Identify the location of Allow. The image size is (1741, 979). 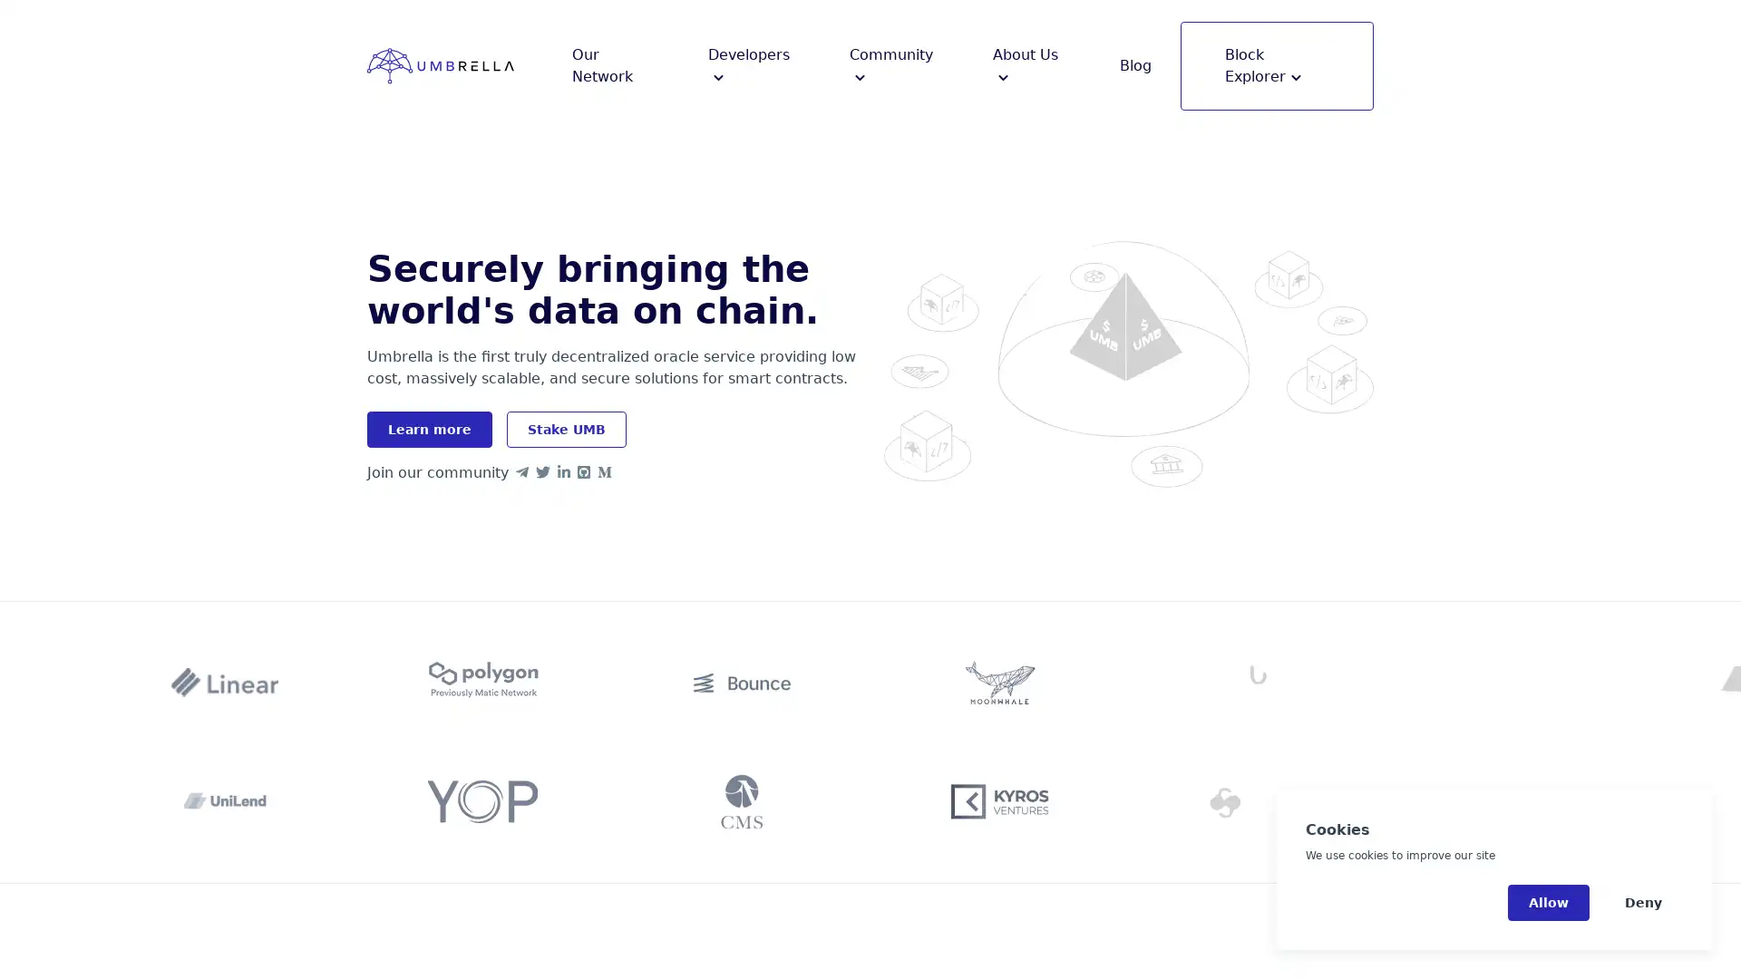
(1548, 902).